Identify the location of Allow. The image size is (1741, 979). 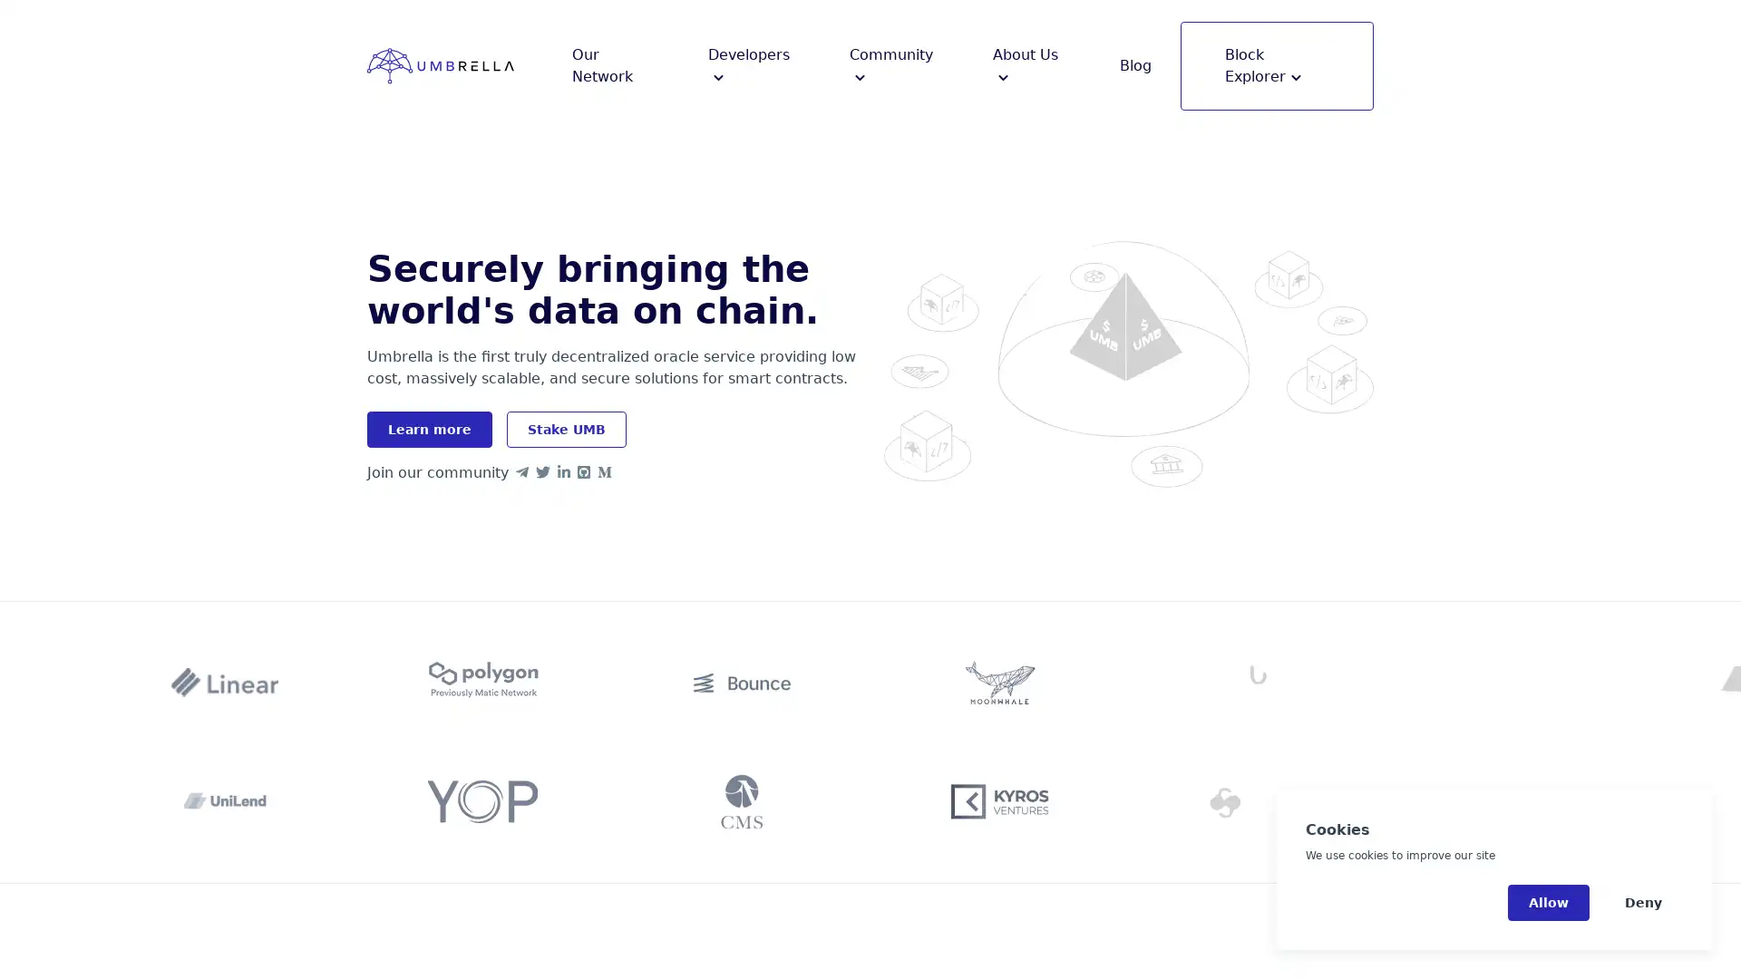
(1548, 902).